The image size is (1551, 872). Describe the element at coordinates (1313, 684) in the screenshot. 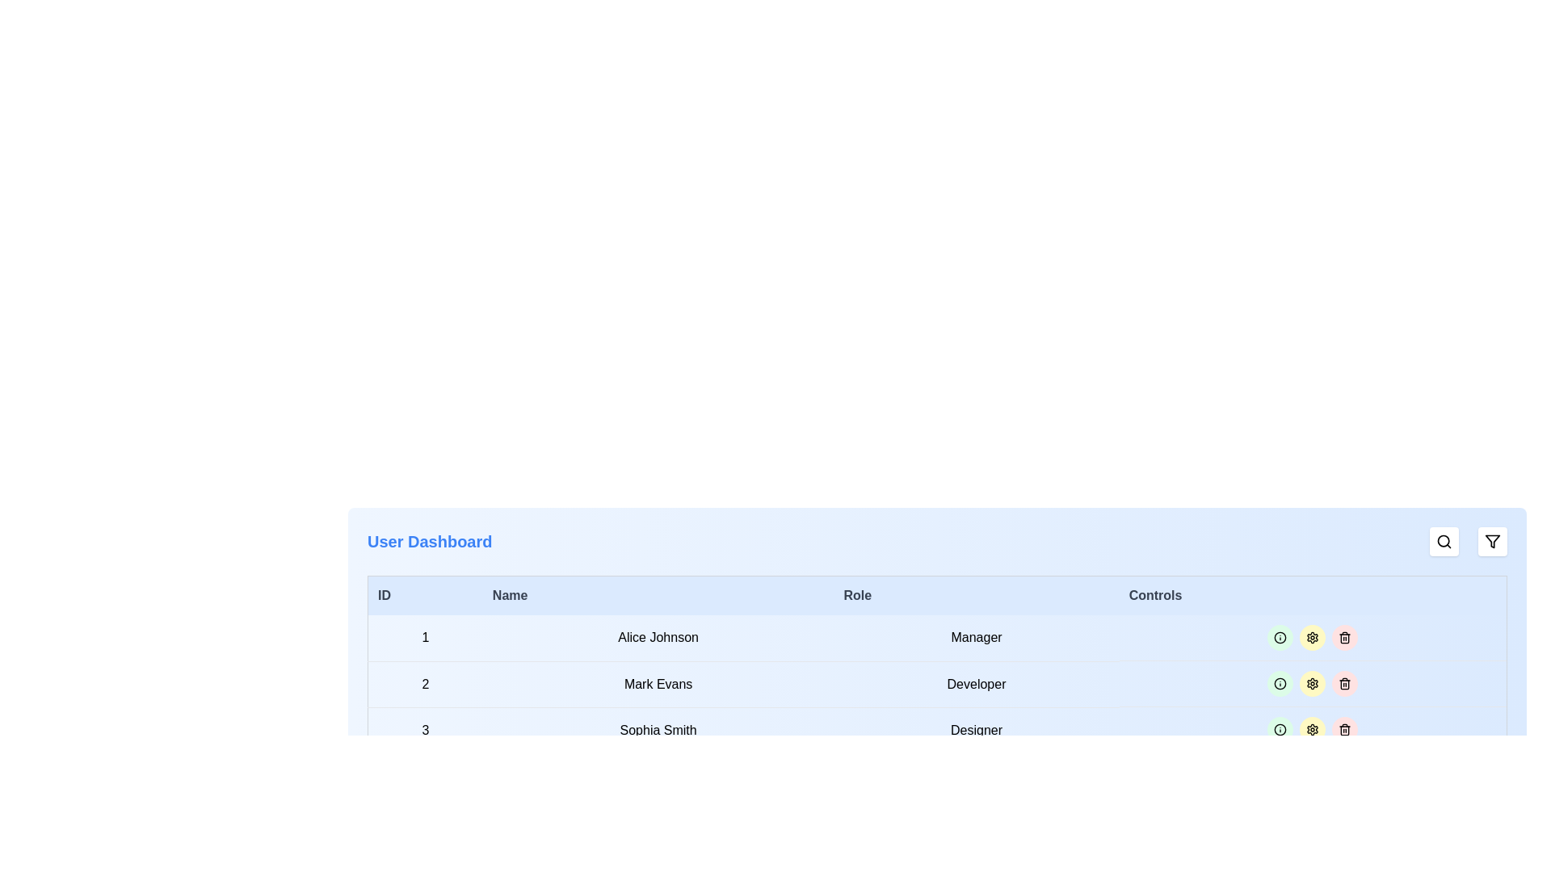

I see `the settings button, which is the third action icon in the horizontal sequence of control buttons in the 'Controls' column on the right side of the data table` at that location.